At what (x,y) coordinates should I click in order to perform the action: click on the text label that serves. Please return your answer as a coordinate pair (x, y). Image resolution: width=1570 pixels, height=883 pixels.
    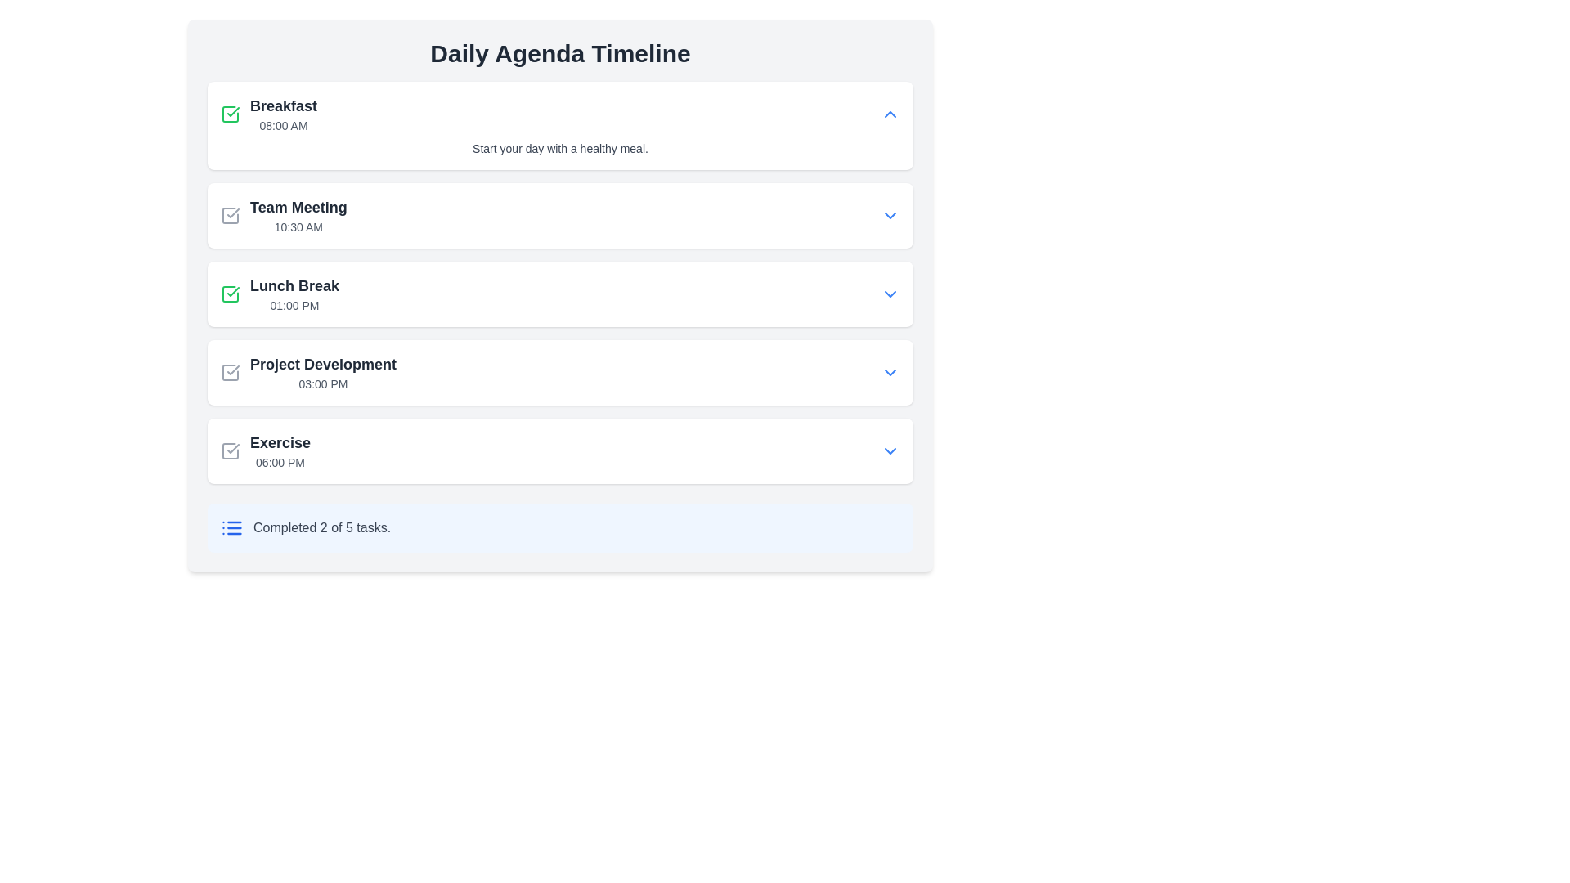
    Looking at the image, I should click on (294, 285).